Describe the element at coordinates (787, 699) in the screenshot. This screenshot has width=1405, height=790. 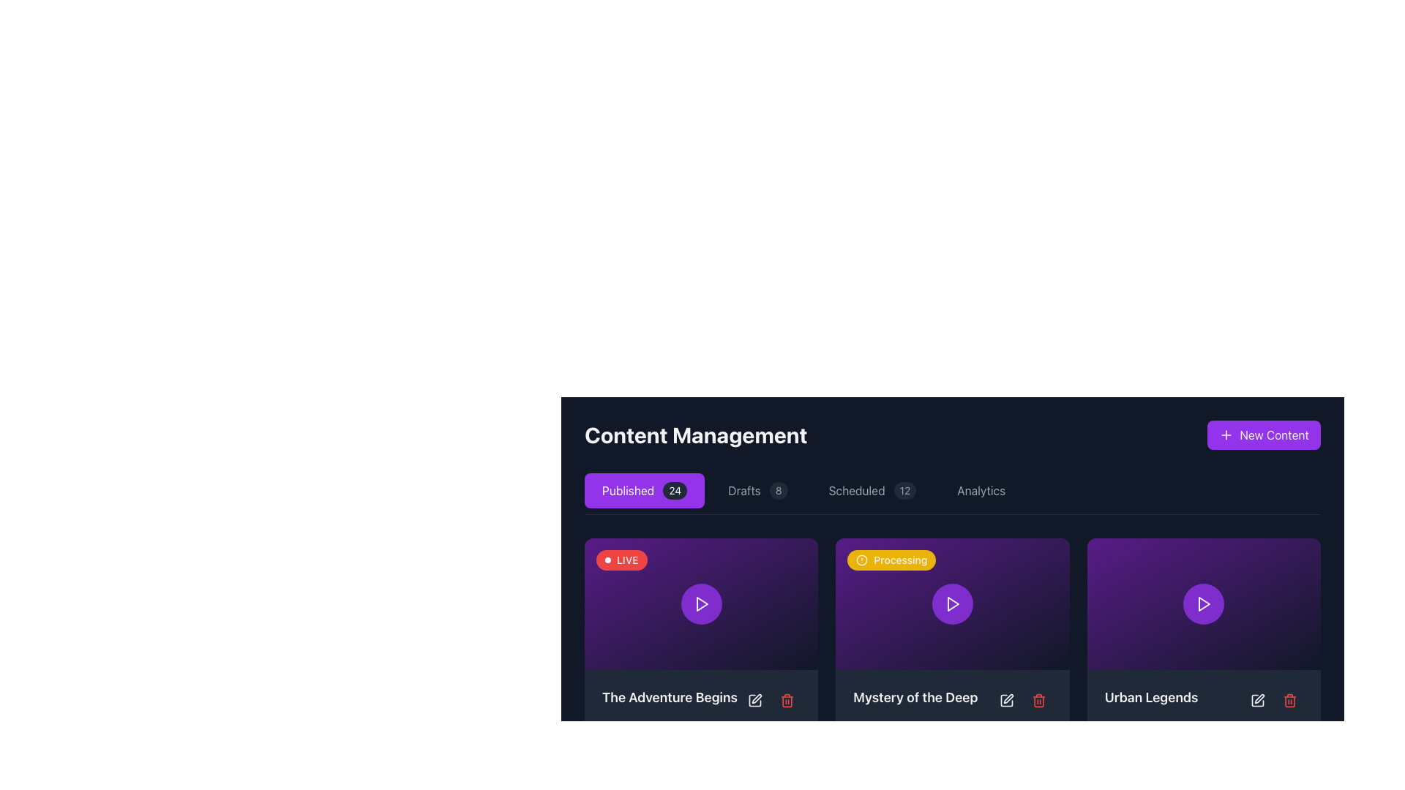
I see `the red trash can icon button representing a delete action, located below the card titled 'The Adventure Begins' in the Published section of the Content Management interface` at that location.